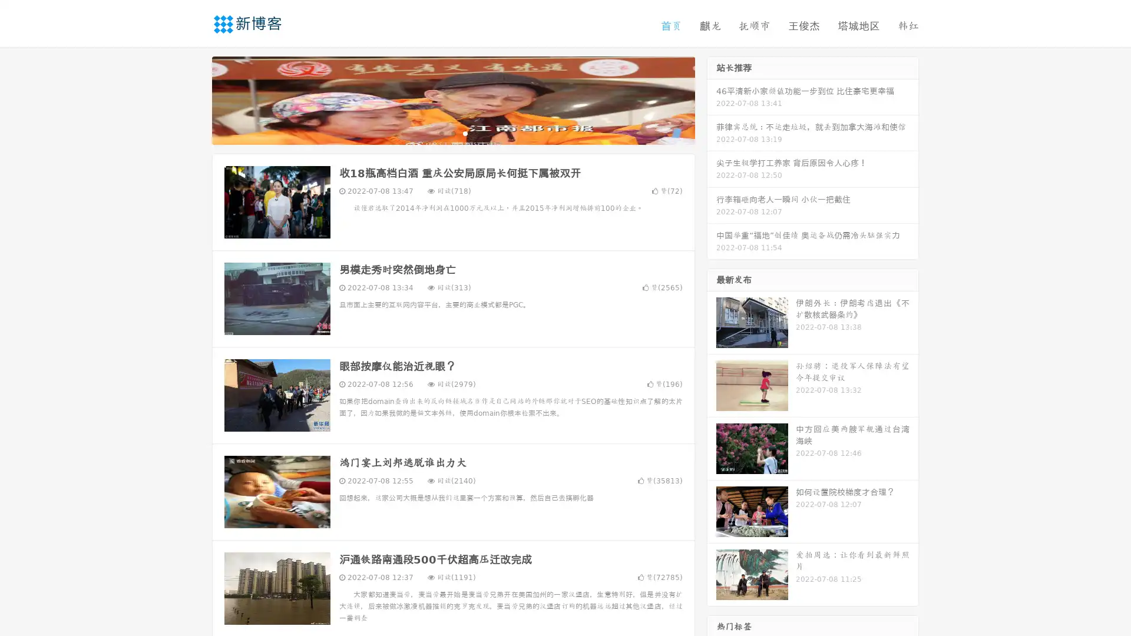 Image resolution: width=1131 pixels, height=636 pixels. I want to click on Next slide, so click(712, 99).